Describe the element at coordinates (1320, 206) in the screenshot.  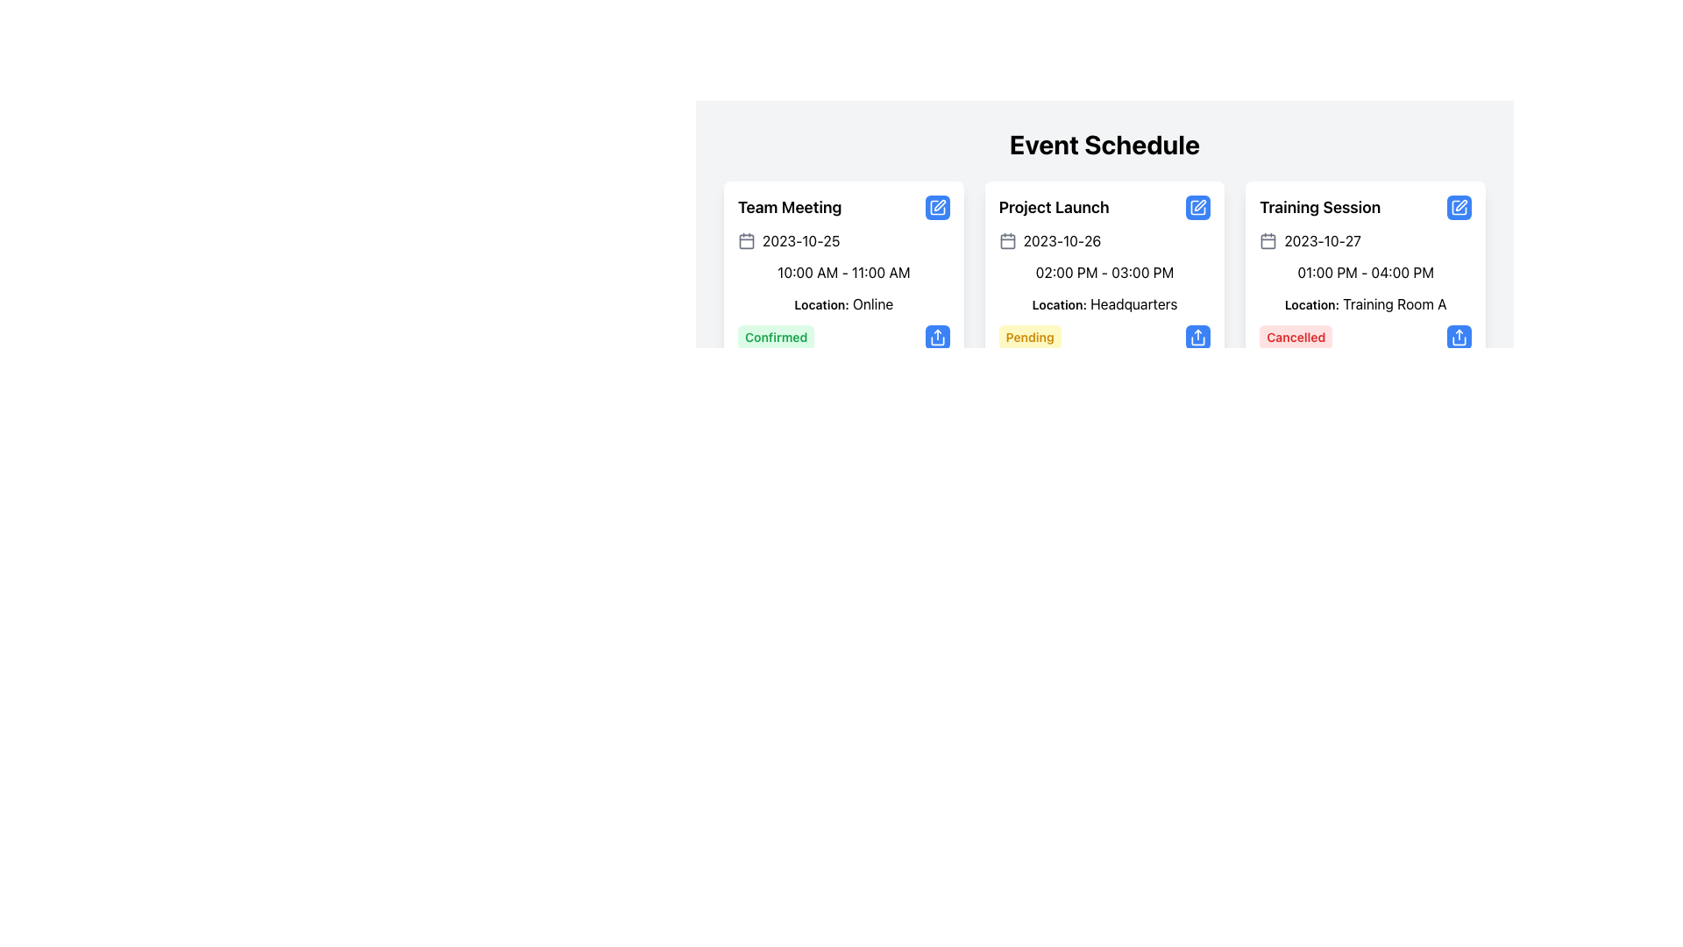
I see `the 'Training Session' title text label, which is prominently displayed in bold and larger font size at the top center of the event card` at that location.